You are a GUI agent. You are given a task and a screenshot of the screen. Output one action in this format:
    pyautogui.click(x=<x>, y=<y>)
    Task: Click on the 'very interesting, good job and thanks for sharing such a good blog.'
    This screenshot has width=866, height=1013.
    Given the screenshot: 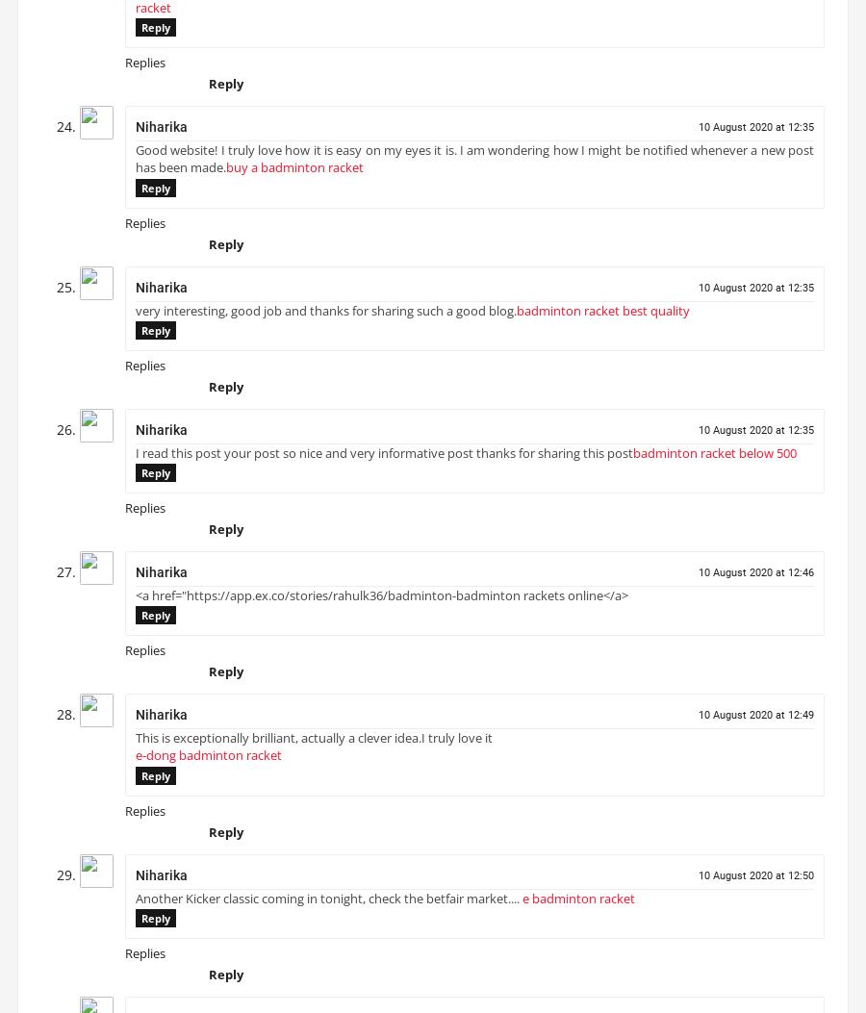 What is the action you would take?
    pyautogui.click(x=326, y=317)
    